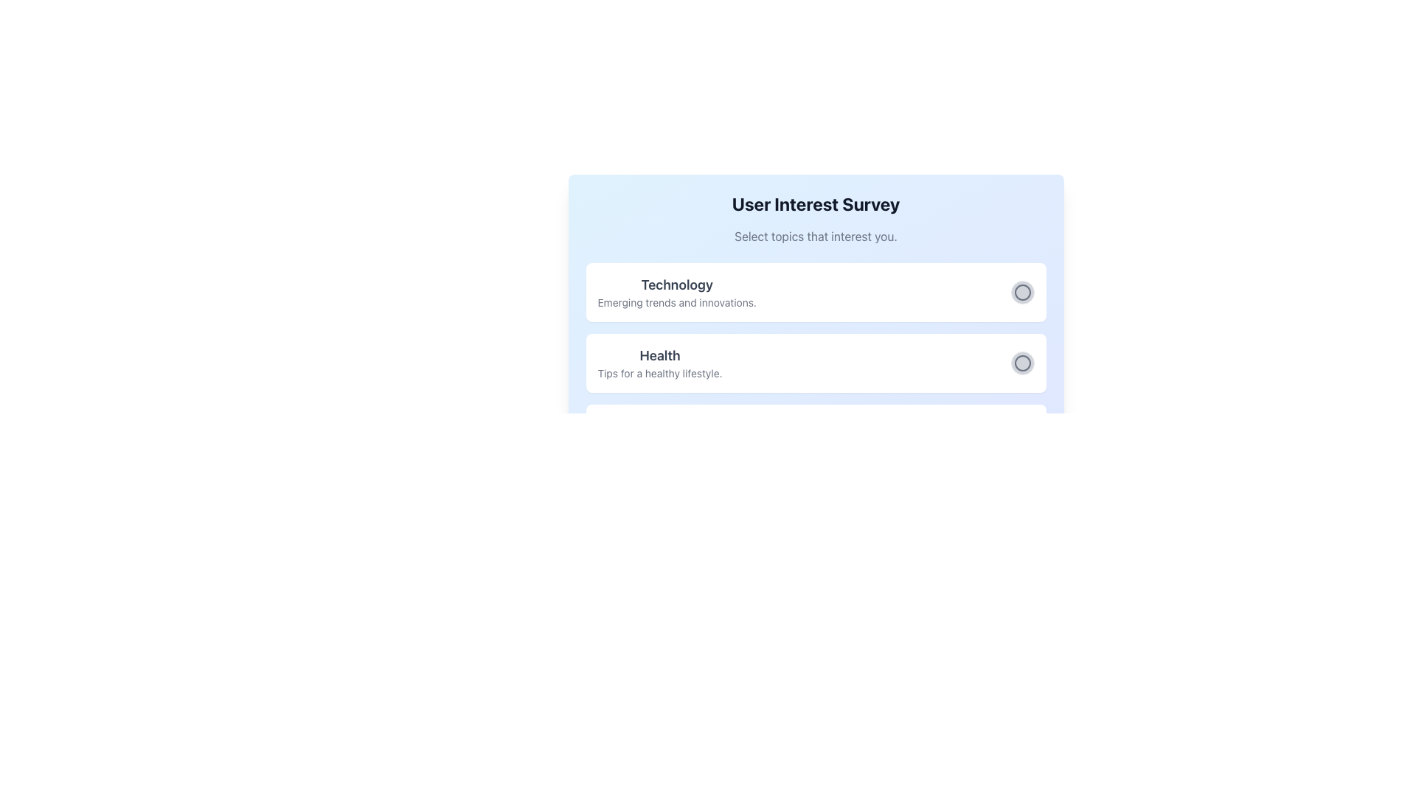 The width and height of the screenshot is (1416, 796). Describe the element at coordinates (1021, 293) in the screenshot. I see `the circular button with a gray border and background, located on the right side of the 'Technology' section to make a selection` at that location.